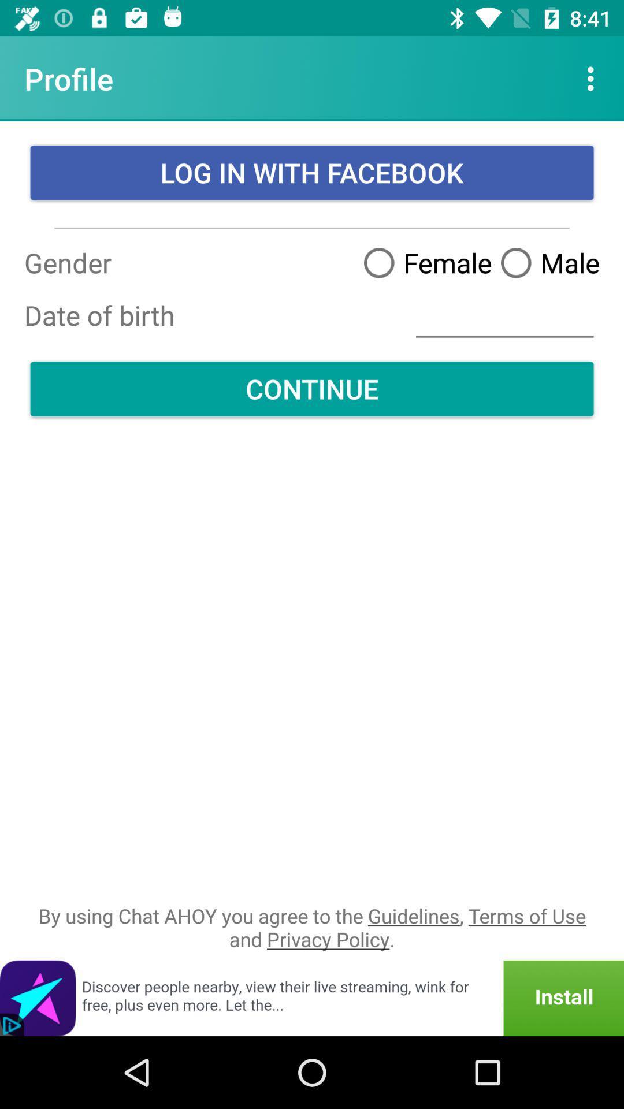 This screenshot has height=1109, width=624. Describe the element at coordinates (593, 78) in the screenshot. I see `the item next to profile item` at that location.